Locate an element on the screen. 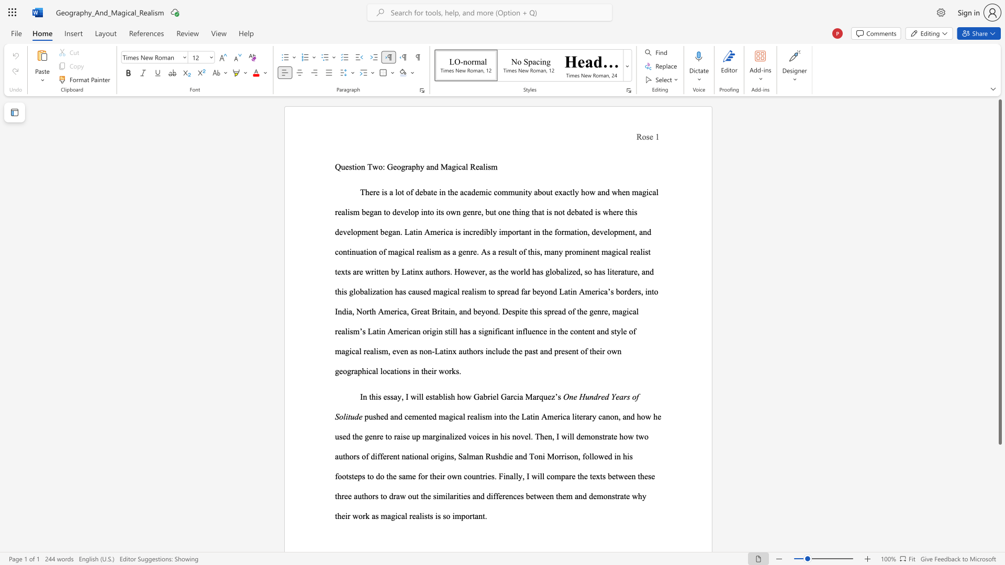 The image size is (1005, 565). the scrollbar to move the view down is located at coordinates (999, 459).